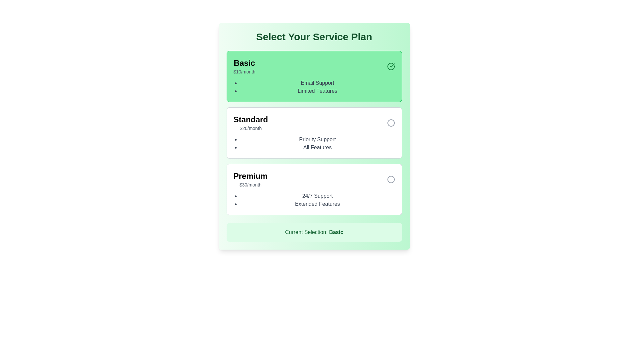 Image resolution: width=638 pixels, height=359 pixels. I want to click on text from the 'Premium' service plan details list item group, which includes '24/7 Support' and 'Extended Features', located below the price and plan name, so click(314, 199).